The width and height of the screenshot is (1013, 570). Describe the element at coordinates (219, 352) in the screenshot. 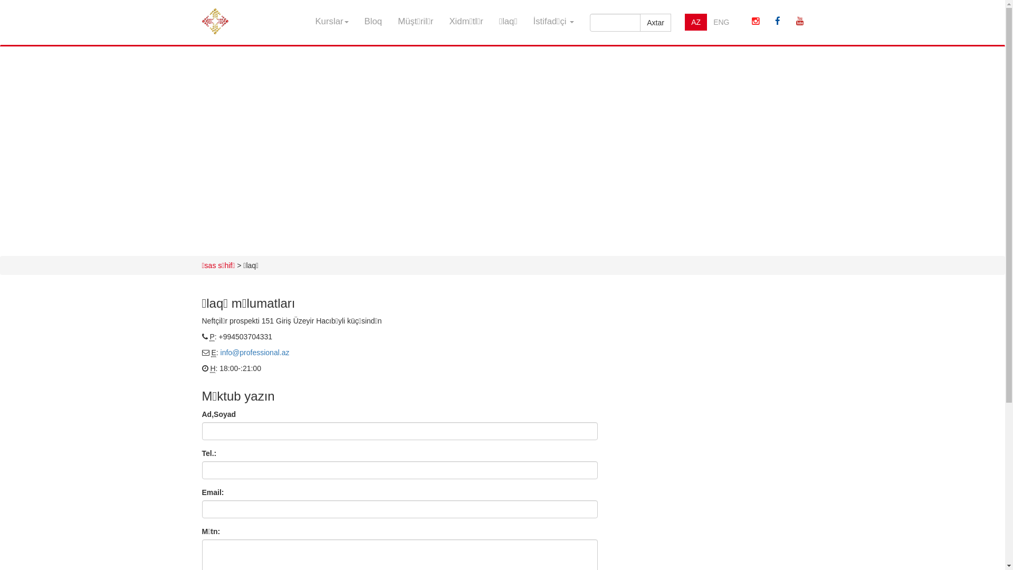

I see `'info@professional.az'` at that location.